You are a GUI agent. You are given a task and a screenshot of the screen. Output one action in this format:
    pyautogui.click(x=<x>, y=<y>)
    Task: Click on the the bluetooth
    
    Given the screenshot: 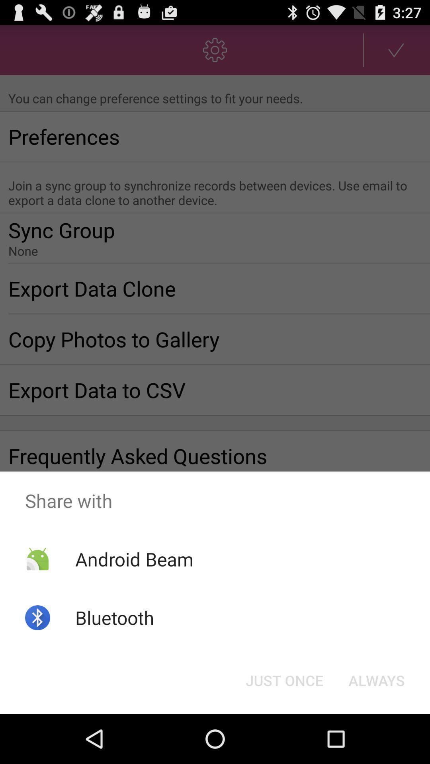 What is the action you would take?
    pyautogui.click(x=115, y=617)
    